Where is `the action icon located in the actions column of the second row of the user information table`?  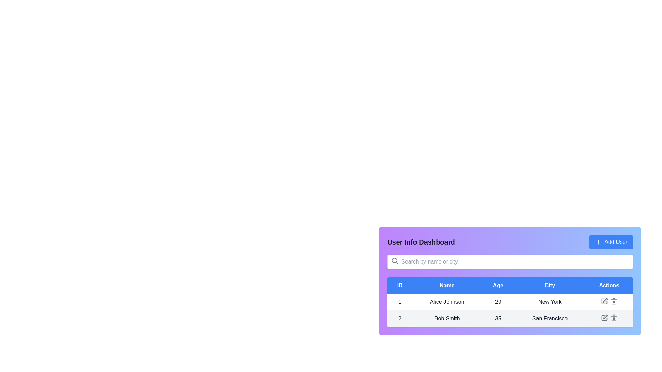
the action icon located in the actions column of the second row of the user information table is located at coordinates (604, 301).